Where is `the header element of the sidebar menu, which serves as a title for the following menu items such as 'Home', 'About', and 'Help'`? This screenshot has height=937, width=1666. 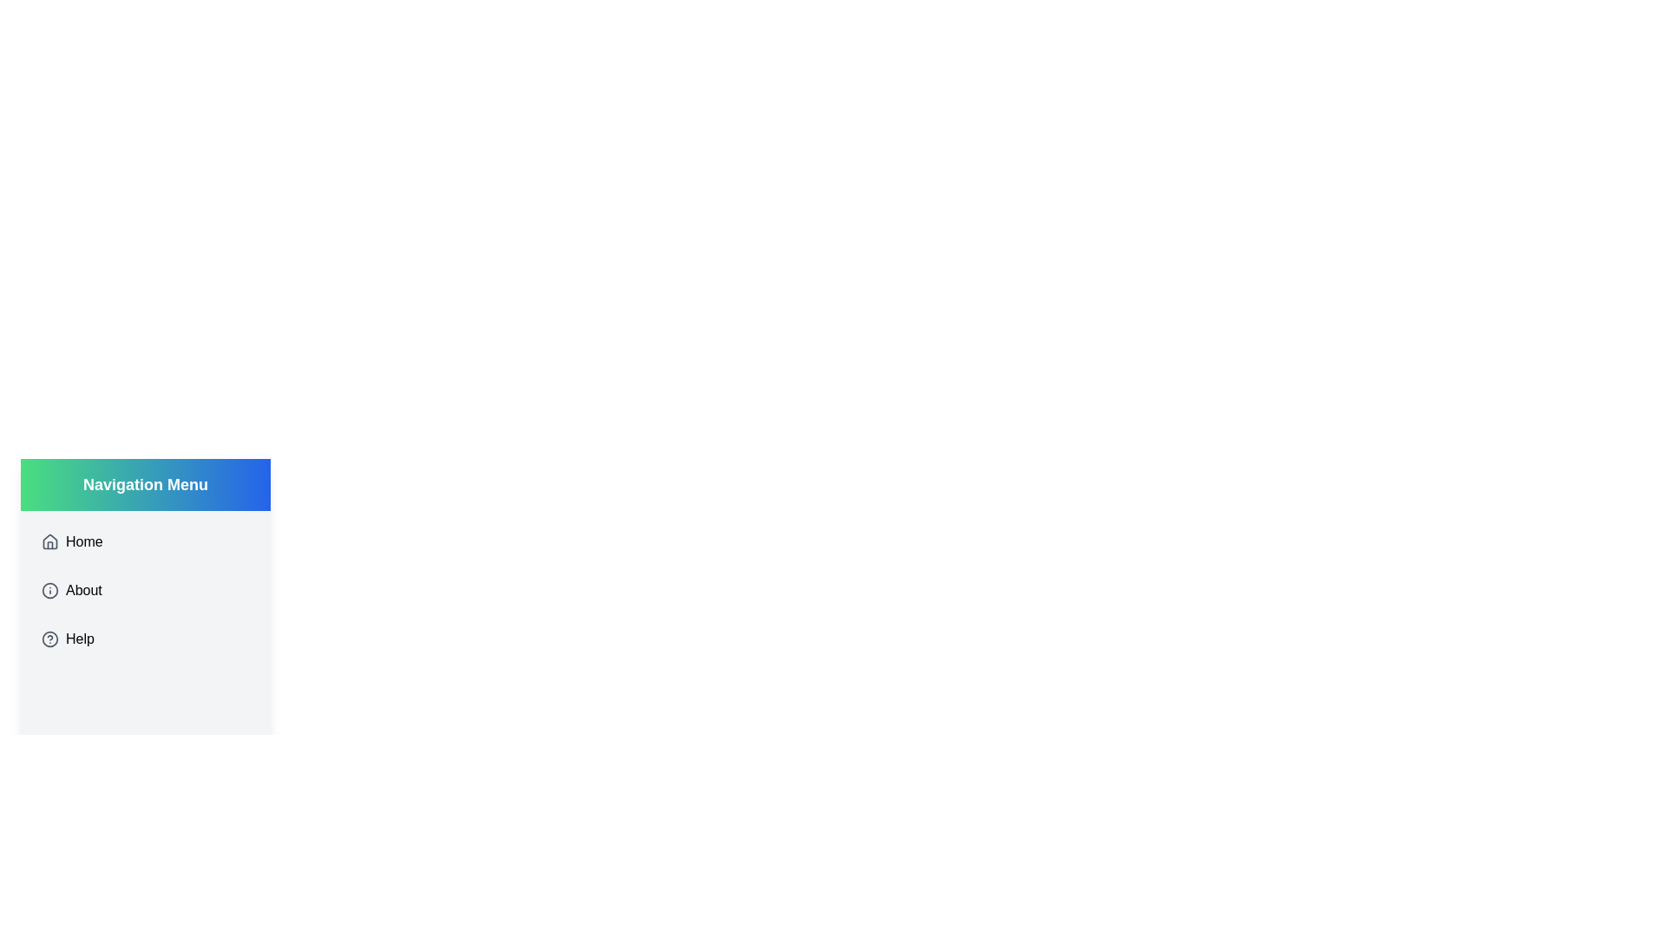
the header element of the sidebar menu, which serves as a title for the following menu items such as 'Home', 'About', and 'Help' is located at coordinates (146, 485).